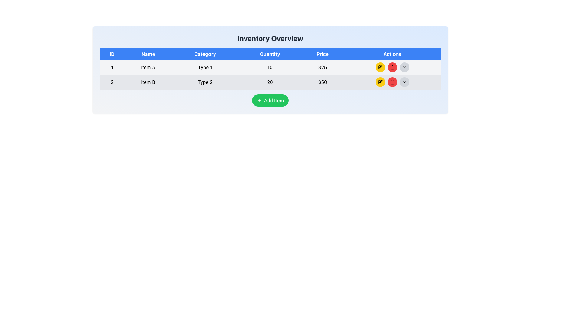  I want to click on the 'Category' label in the blue header bar, which is located between the 'Name' and 'Quantity' blocks, so click(205, 53).